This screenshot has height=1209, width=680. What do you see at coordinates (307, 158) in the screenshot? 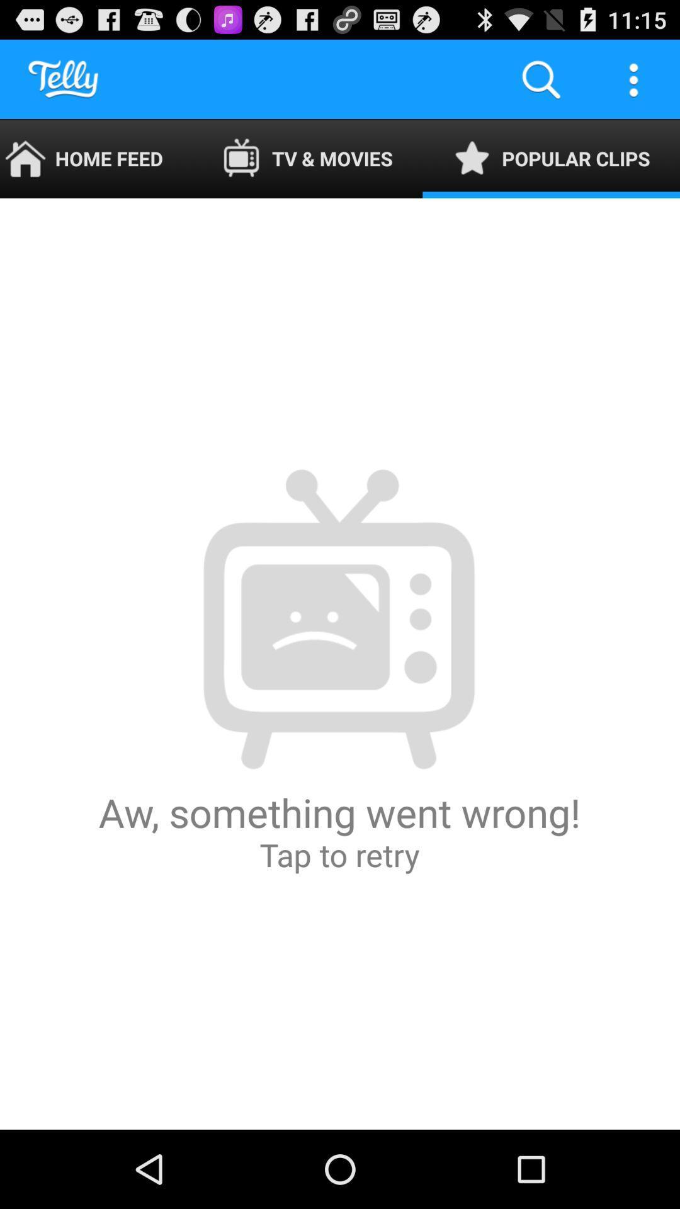
I see `the tv & movies` at bounding box center [307, 158].